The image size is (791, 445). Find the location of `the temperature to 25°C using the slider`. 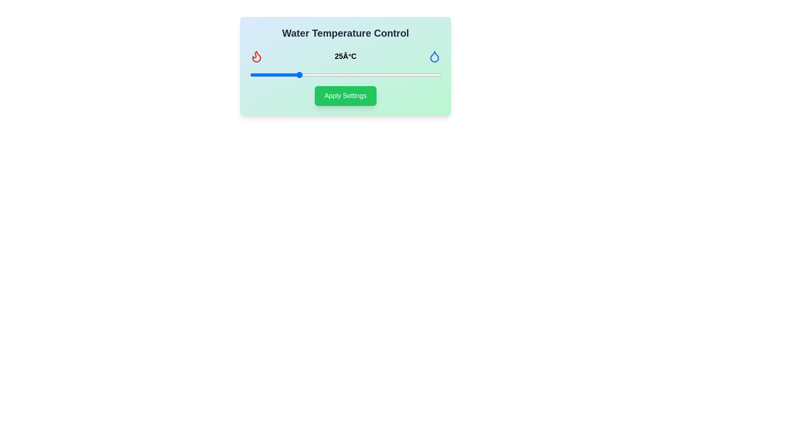

the temperature to 25°C using the slider is located at coordinates (297, 75).